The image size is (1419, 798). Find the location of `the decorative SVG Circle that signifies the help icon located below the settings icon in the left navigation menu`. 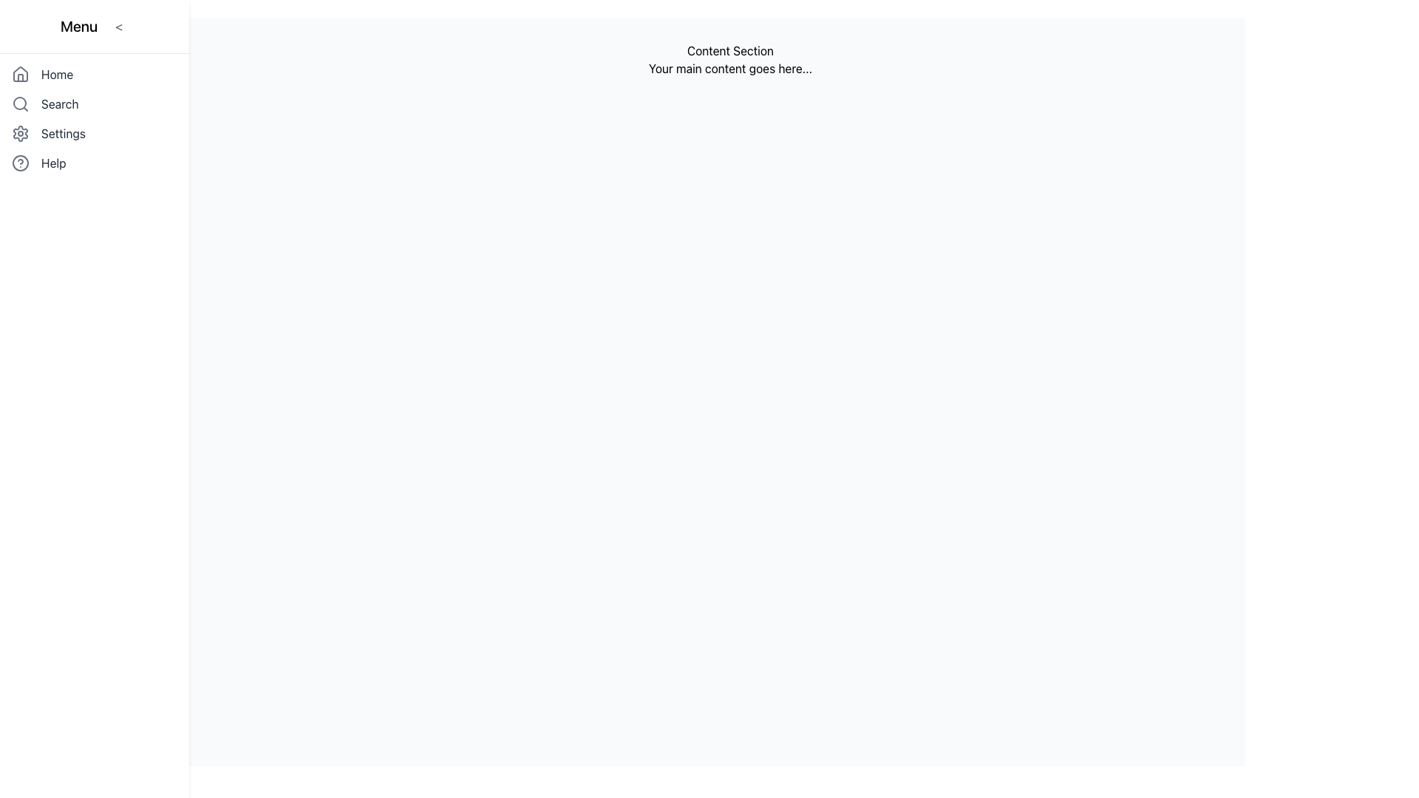

the decorative SVG Circle that signifies the help icon located below the settings icon in the left navigation menu is located at coordinates (21, 163).